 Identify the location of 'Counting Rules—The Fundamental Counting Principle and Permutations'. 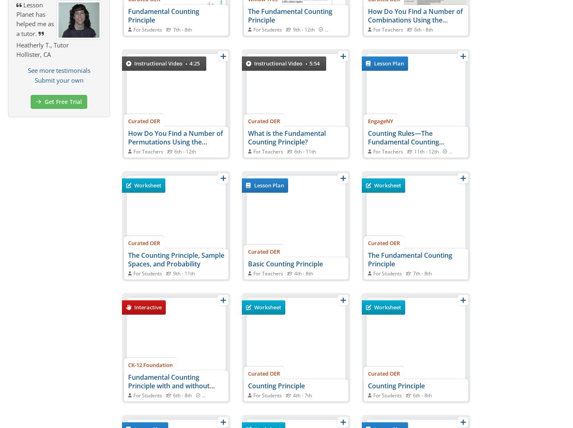
(410, 141).